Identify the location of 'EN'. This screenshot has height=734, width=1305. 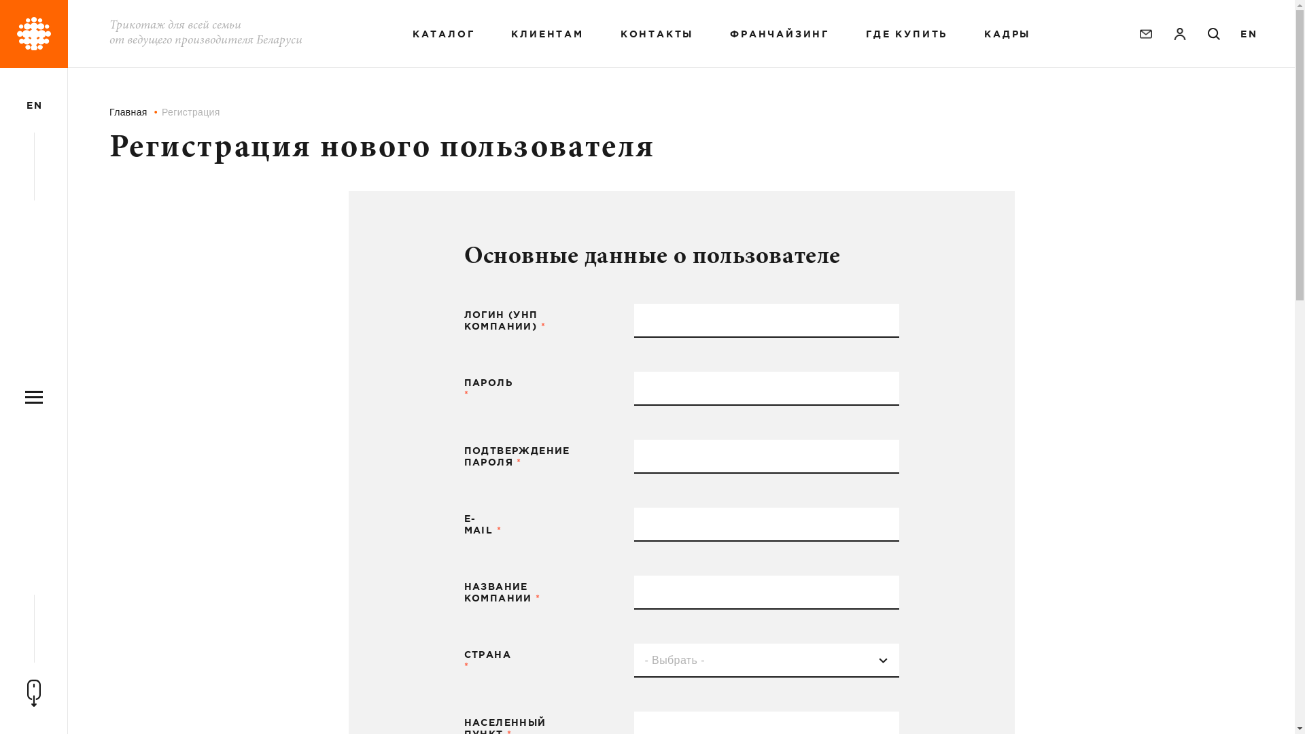
(1248, 33).